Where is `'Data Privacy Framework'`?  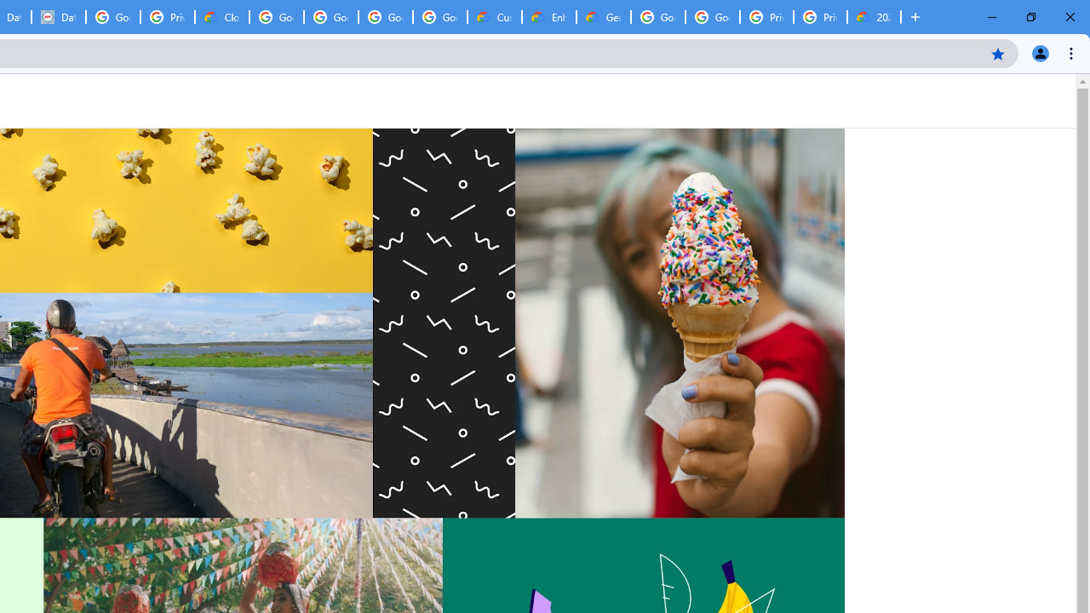
'Data Privacy Framework' is located at coordinates (59, 17).